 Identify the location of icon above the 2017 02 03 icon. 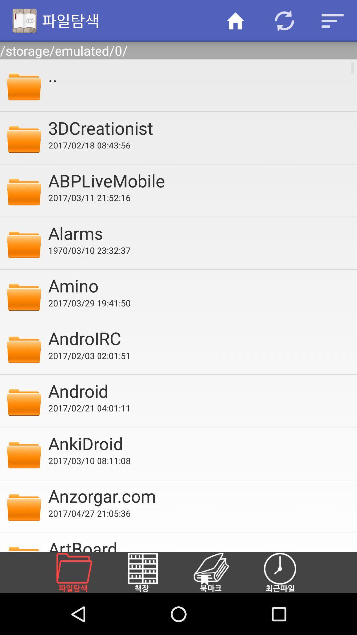
(198, 338).